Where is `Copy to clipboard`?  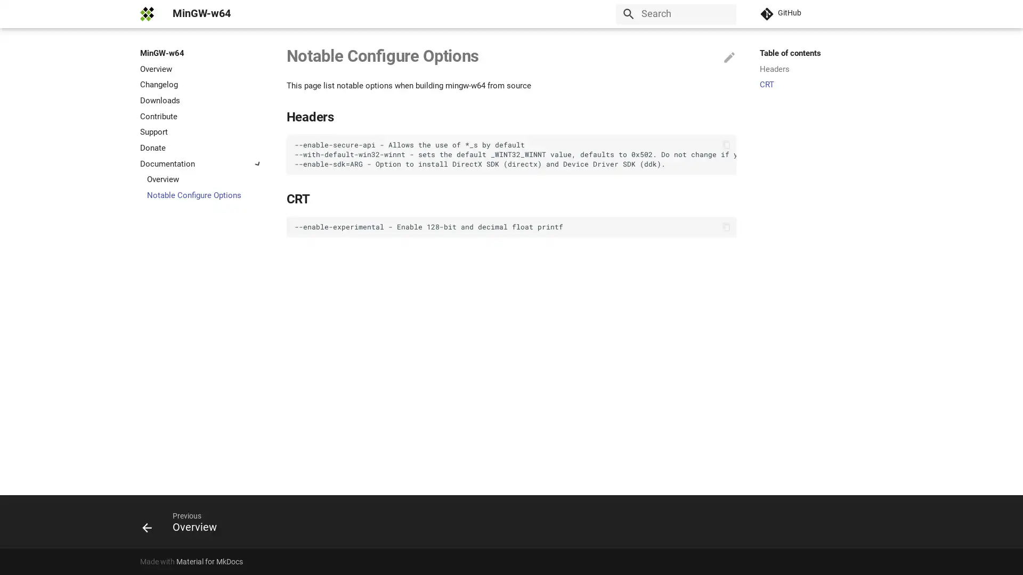 Copy to clipboard is located at coordinates (725, 226).